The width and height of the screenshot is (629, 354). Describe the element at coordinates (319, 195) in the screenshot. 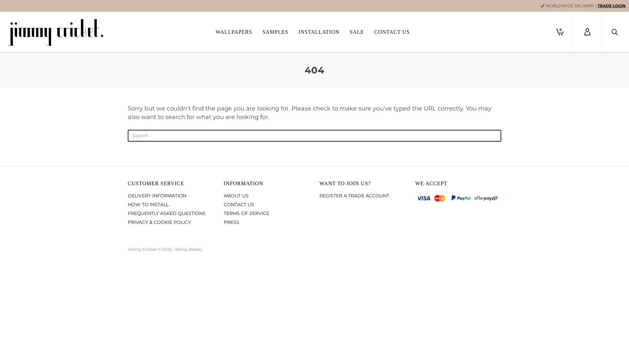

I see `'REGISTER A TRADE ACCOUNT'` at that location.